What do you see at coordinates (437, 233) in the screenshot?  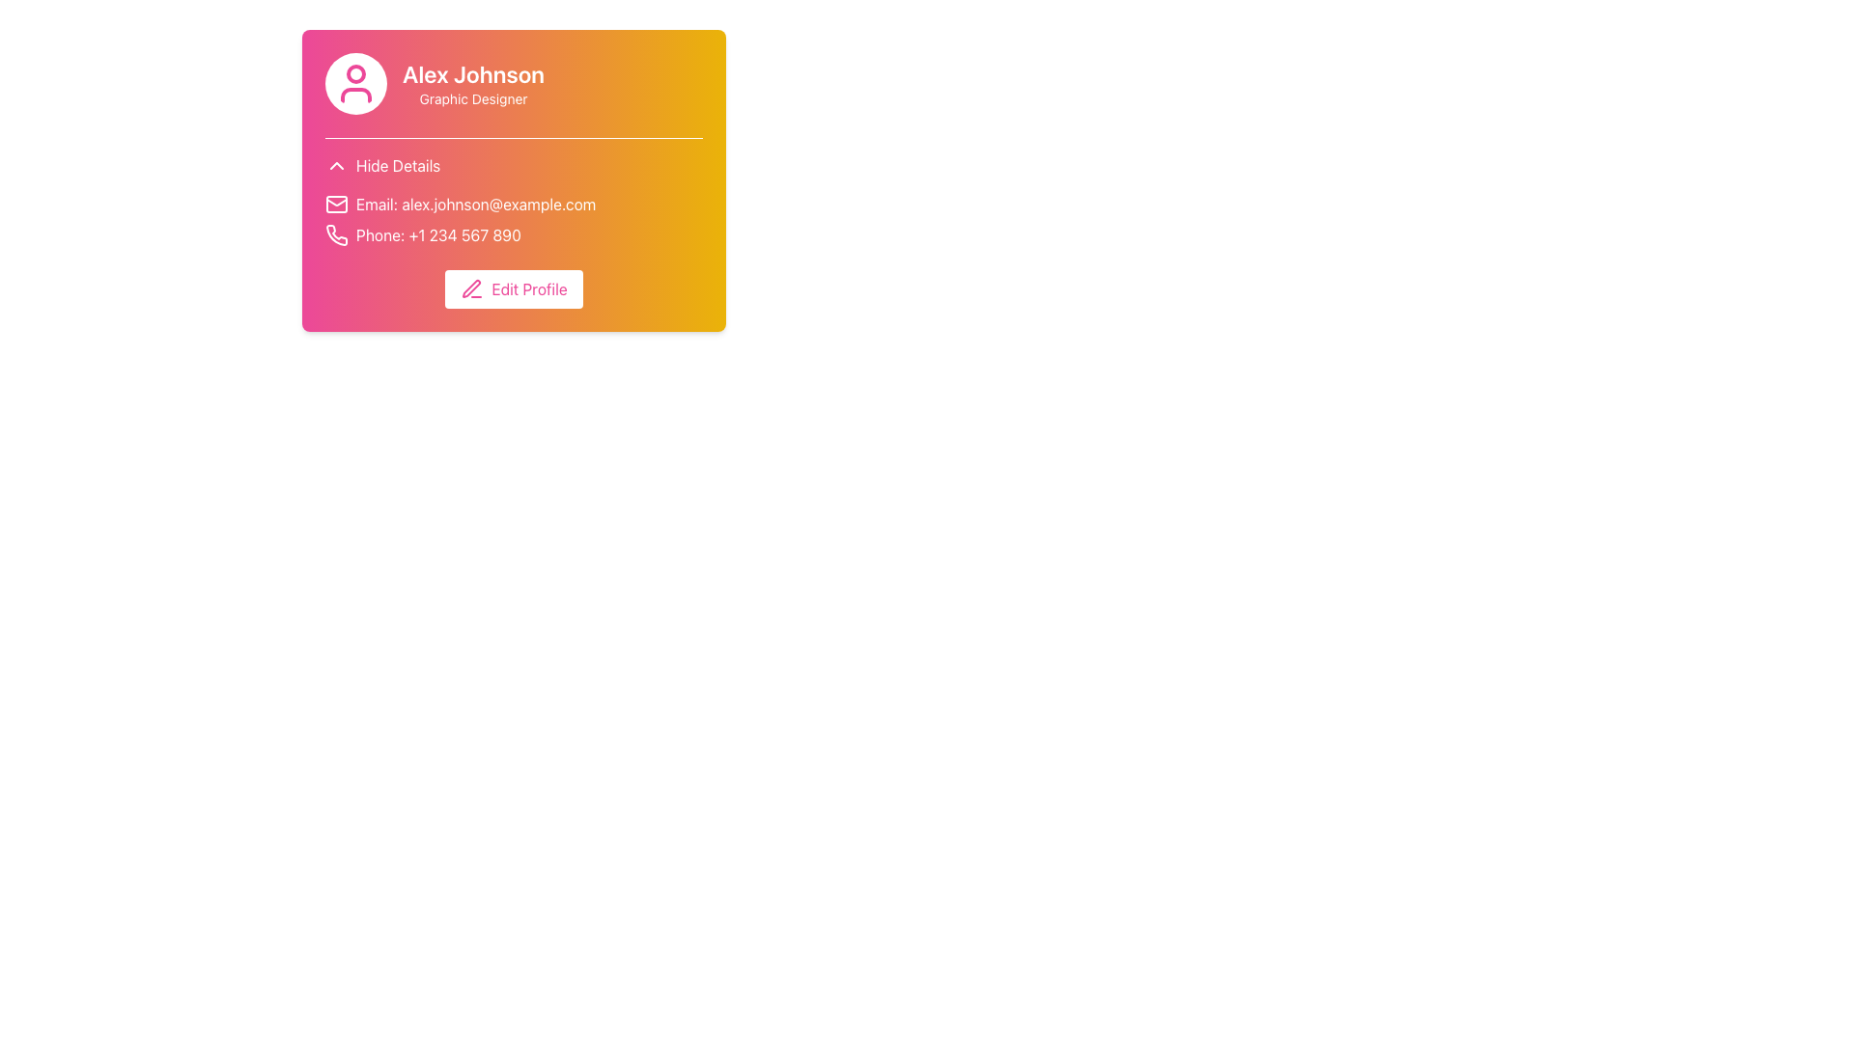 I see `user's phone number displayed prominently to the right of the phone icon within the second row of the card layout` at bounding box center [437, 233].